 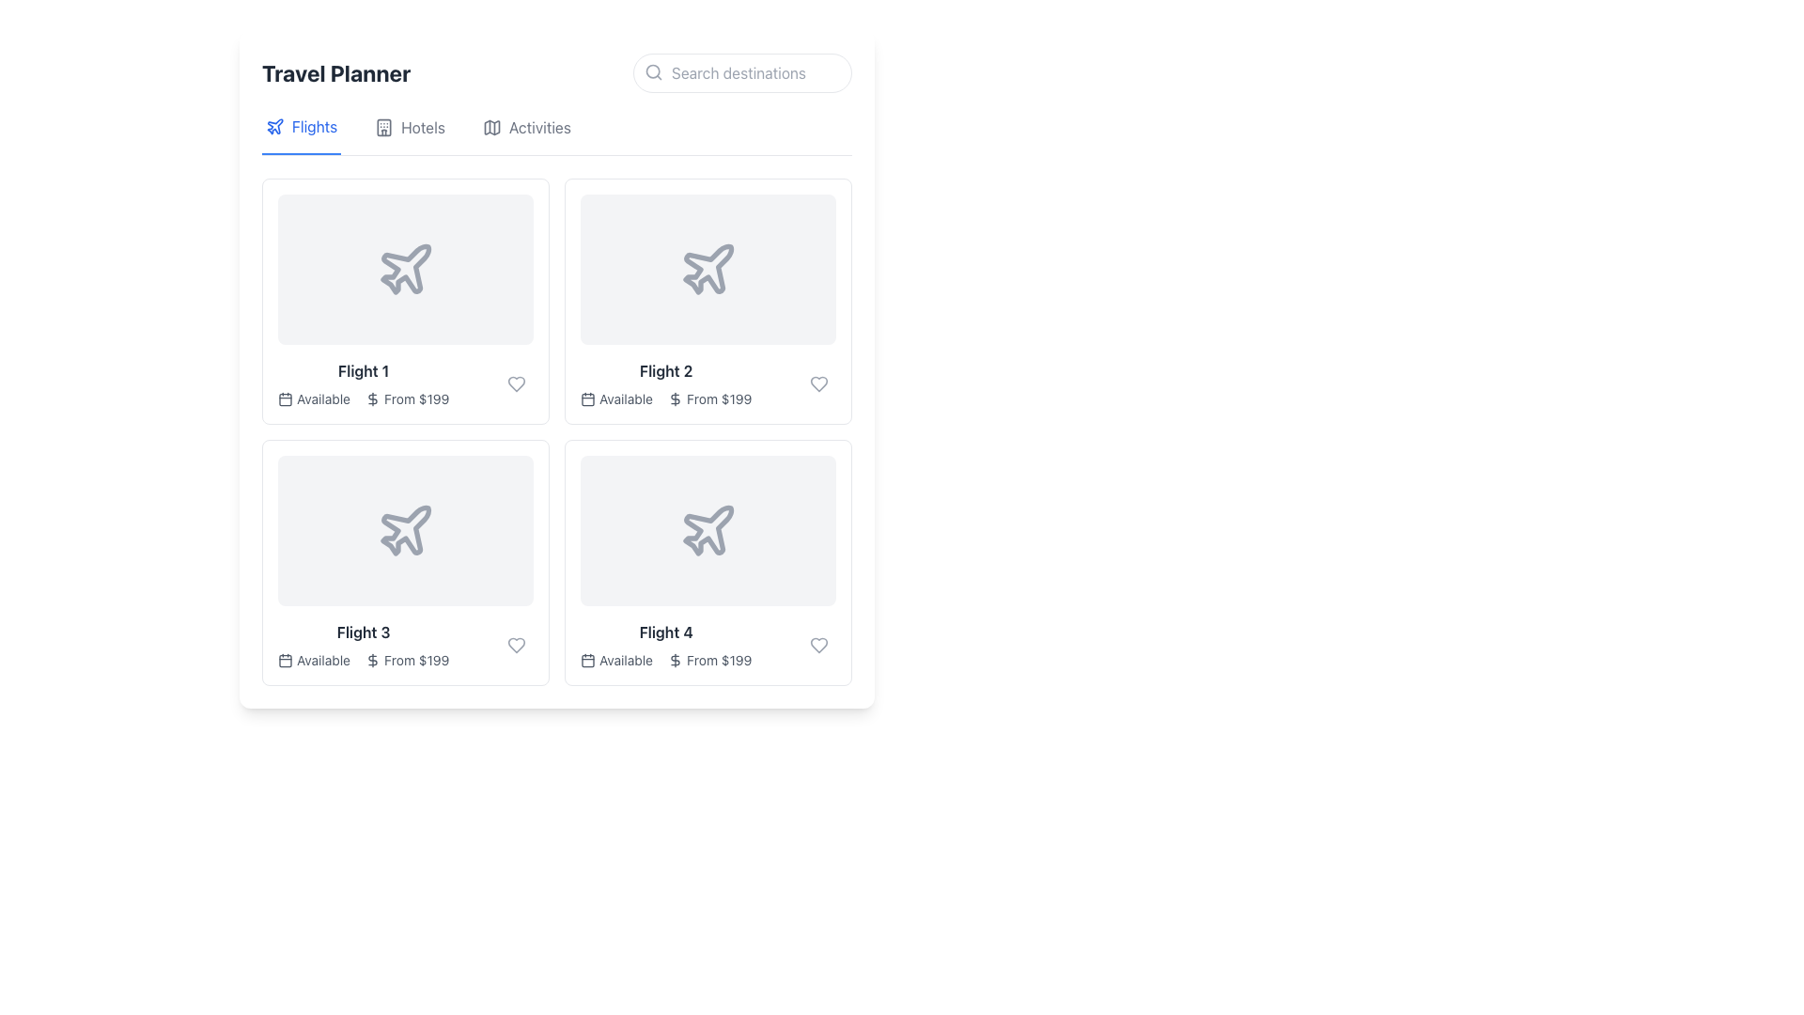 What do you see at coordinates (364, 398) in the screenshot?
I see `the text and icons indicating availability and pricing information, which includes a calendar icon followed by 'Available' and a dollar icon with 'From $199', located in the 'Flight 1' card below the airplane image` at bounding box center [364, 398].